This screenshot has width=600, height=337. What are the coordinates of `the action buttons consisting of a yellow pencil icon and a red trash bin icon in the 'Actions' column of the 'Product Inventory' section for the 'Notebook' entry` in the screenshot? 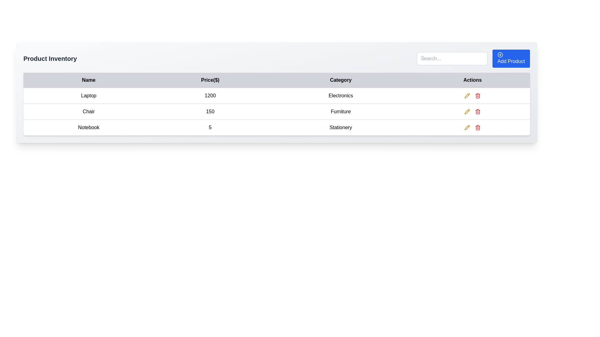 It's located at (472, 127).